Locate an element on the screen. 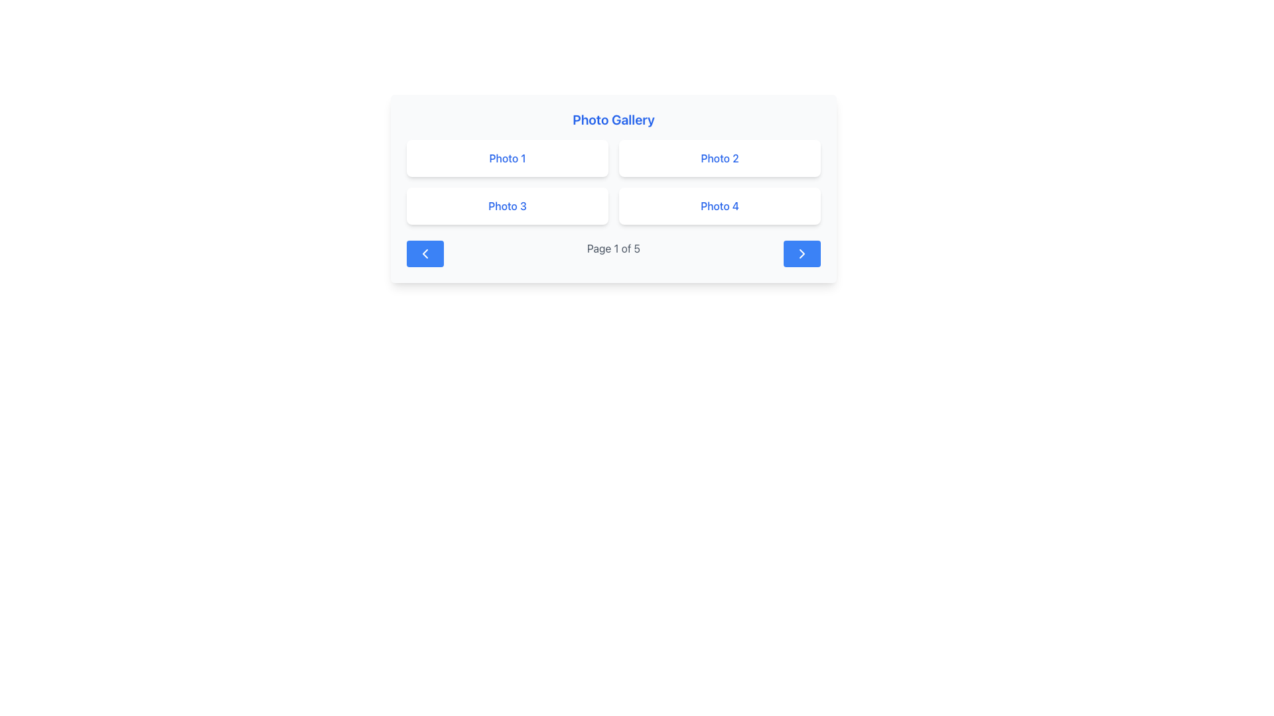 The width and height of the screenshot is (1274, 716). the Text Label indicating the current page within the 'Photo Gallery' section located at the center of the navigation bar at the bottom, which displays the pagination (1 out of 5 pages) is located at coordinates (613, 253).